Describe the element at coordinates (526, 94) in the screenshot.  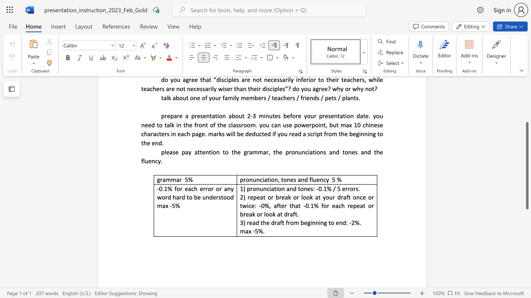
I see `the scrollbar to slide the page up` at that location.